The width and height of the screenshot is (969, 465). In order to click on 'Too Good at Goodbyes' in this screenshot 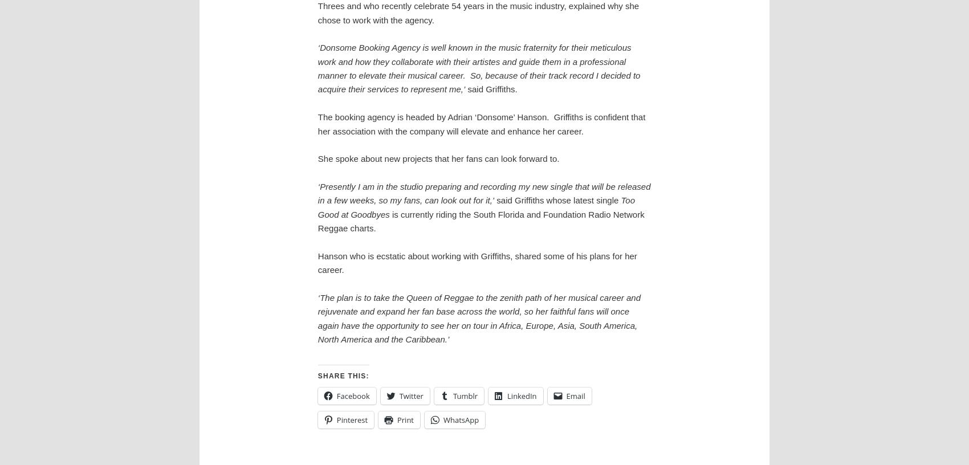, I will do `click(475, 207)`.